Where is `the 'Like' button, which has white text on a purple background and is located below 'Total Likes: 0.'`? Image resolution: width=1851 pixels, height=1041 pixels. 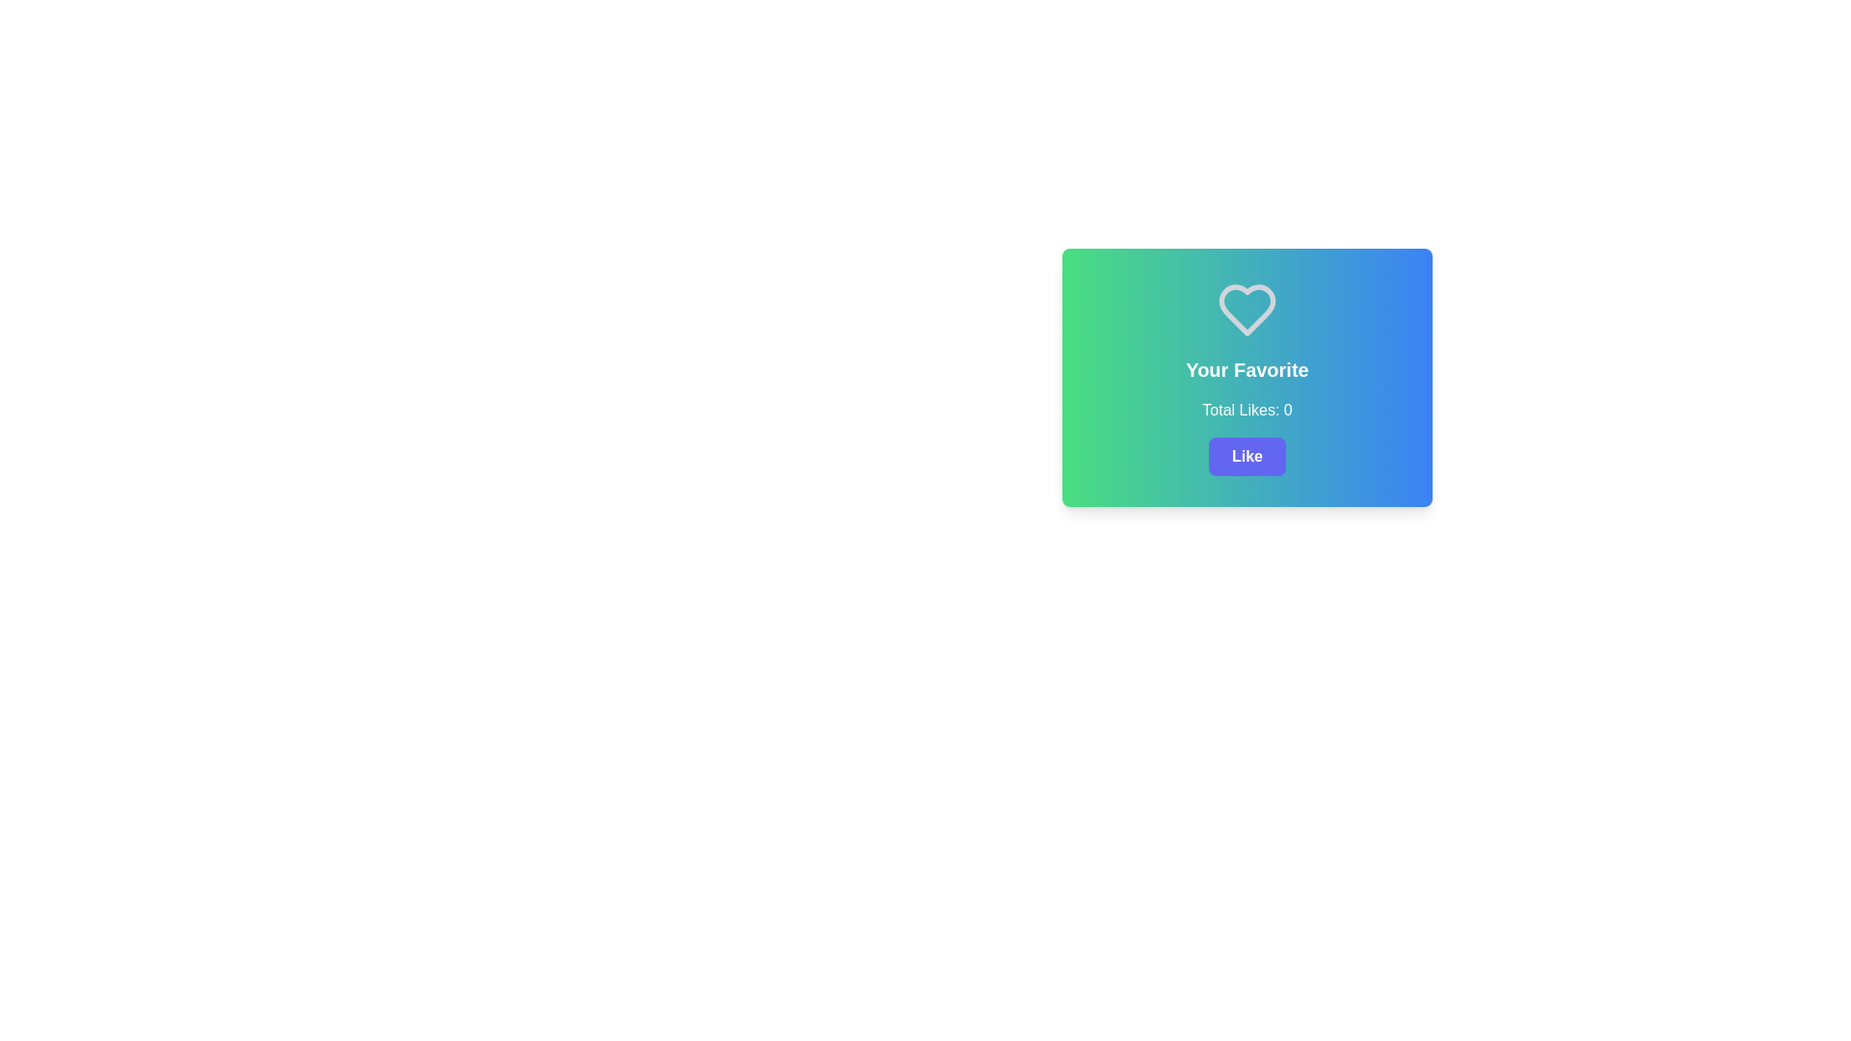 the 'Like' button, which has white text on a purple background and is located below 'Total Likes: 0.' is located at coordinates (1247, 457).